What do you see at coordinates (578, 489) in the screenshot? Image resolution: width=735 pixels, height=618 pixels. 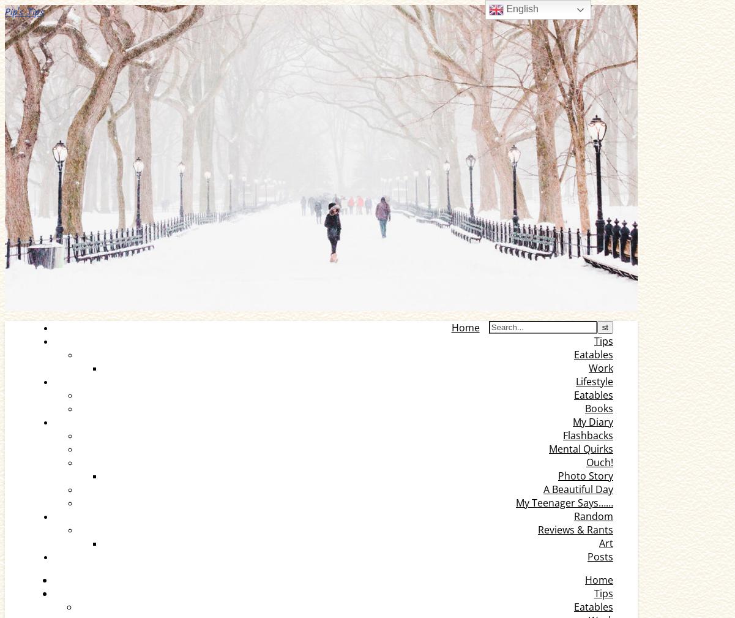 I see `'A Beautiful Day'` at bounding box center [578, 489].